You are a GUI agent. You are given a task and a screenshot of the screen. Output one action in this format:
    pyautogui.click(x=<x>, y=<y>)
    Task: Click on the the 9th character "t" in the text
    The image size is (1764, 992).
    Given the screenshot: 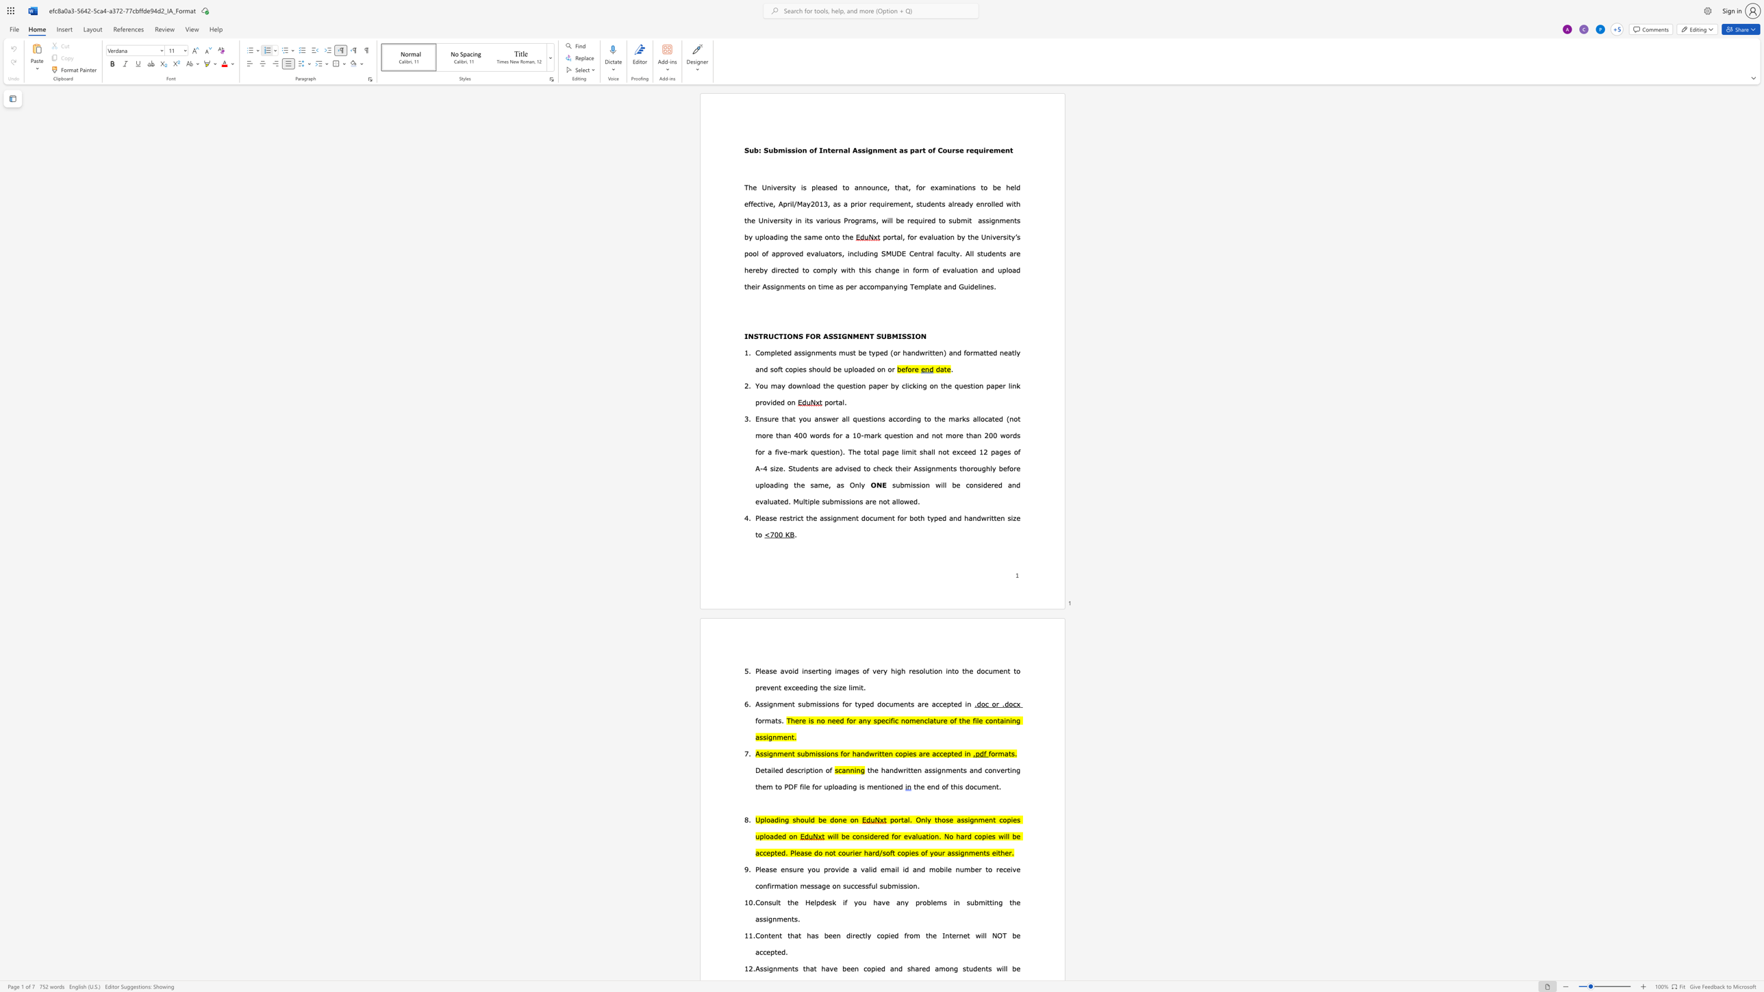 What is the action you would take?
    pyautogui.click(x=775, y=951)
    